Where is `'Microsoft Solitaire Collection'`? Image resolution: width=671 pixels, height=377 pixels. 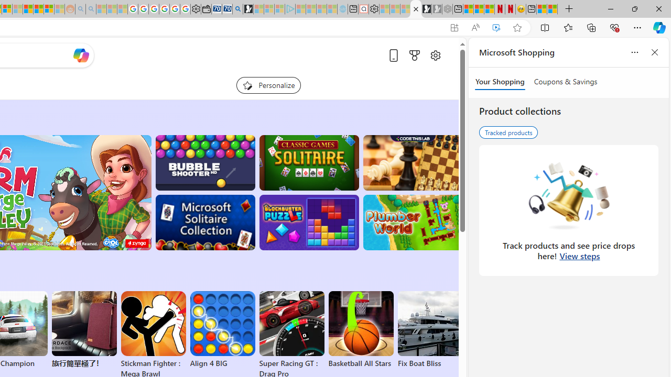
'Microsoft Solitaire Collection' is located at coordinates (205, 222).